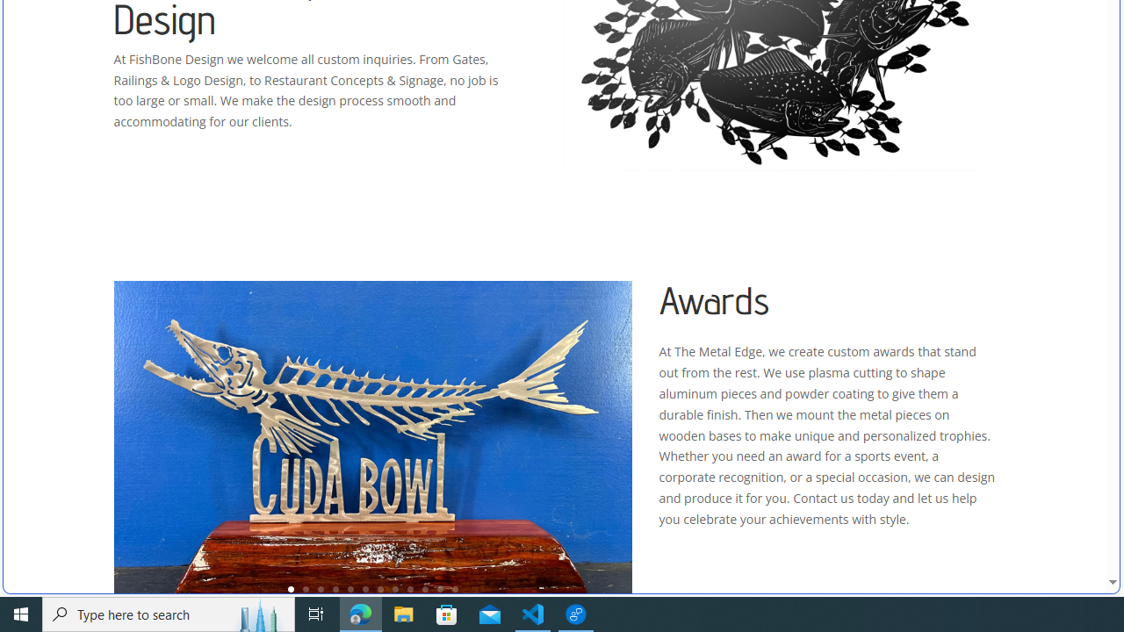 The width and height of the screenshot is (1124, 632). What do you see at coordinates (321, 589) in the screenshot?
I see `'3'` at bounding box center [321, 589].